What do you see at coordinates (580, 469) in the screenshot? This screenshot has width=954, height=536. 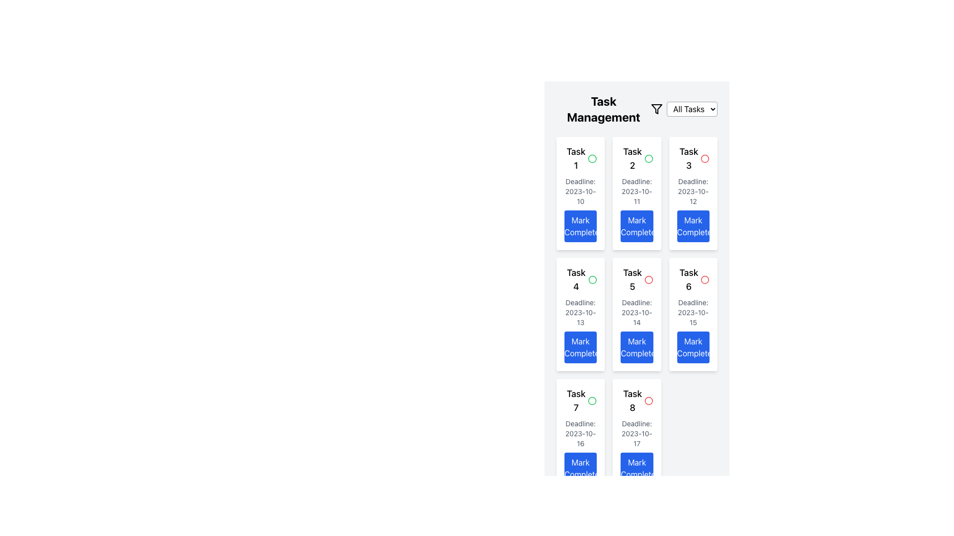 I see `the 'Mark Completed' button located at the bottom of the 'Task 7' card` at bounding box center [580, 469].